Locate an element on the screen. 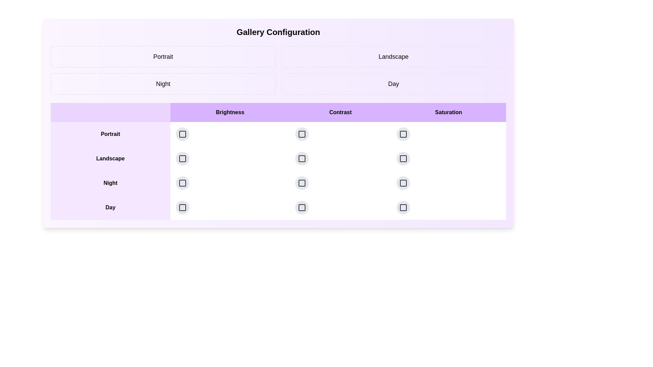 This screenshot has width=653, height=367. the small square checkbox or button located in the third column of the fourth row in the grid layout, corresponding to 'Day' and 'Saturation' is located at coordinates (403, 158).